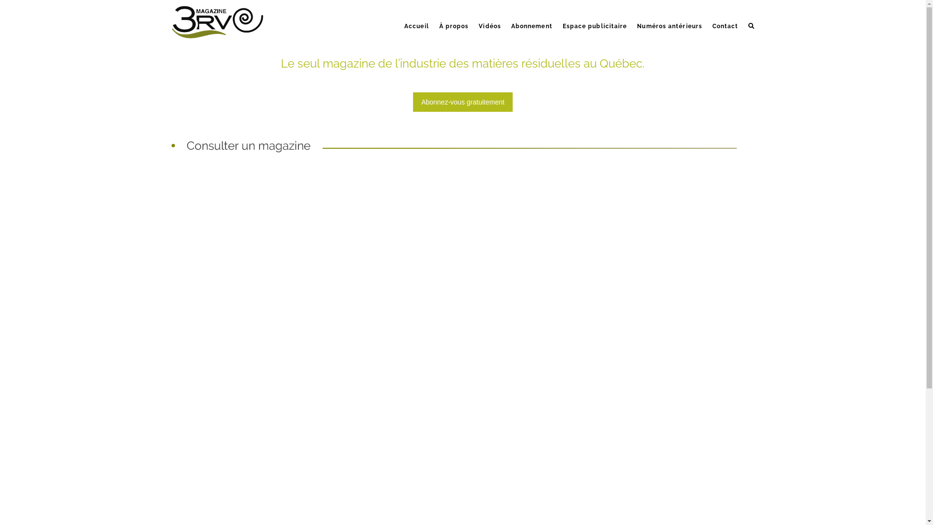  What do you see at coordinates (505, 17) in the screenshot?
I see `'Abonnement'` at bounding box center [505, 17].